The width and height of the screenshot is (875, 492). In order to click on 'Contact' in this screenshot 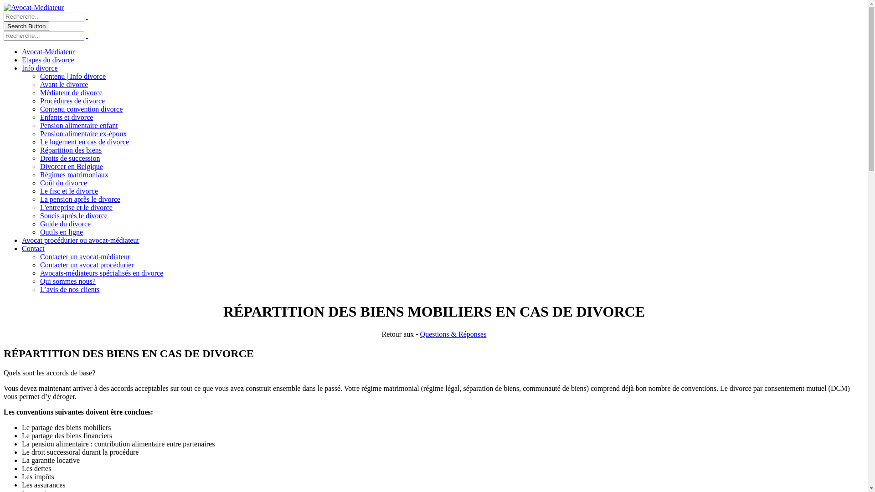, I will do `click(22, 248)`.